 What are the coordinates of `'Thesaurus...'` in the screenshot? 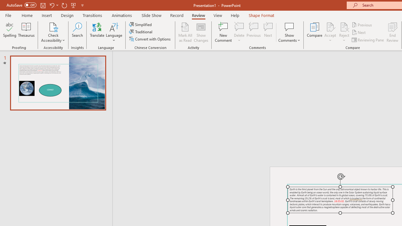 It's located at (26, 32).